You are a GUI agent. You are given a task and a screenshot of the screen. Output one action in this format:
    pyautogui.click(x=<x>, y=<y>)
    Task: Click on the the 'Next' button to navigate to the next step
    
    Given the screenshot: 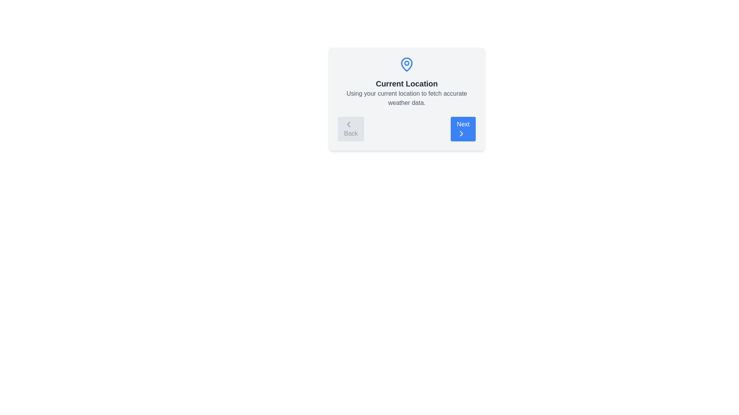 What is the action you would take?
    pyautogui.click(x=463, y=128)
    